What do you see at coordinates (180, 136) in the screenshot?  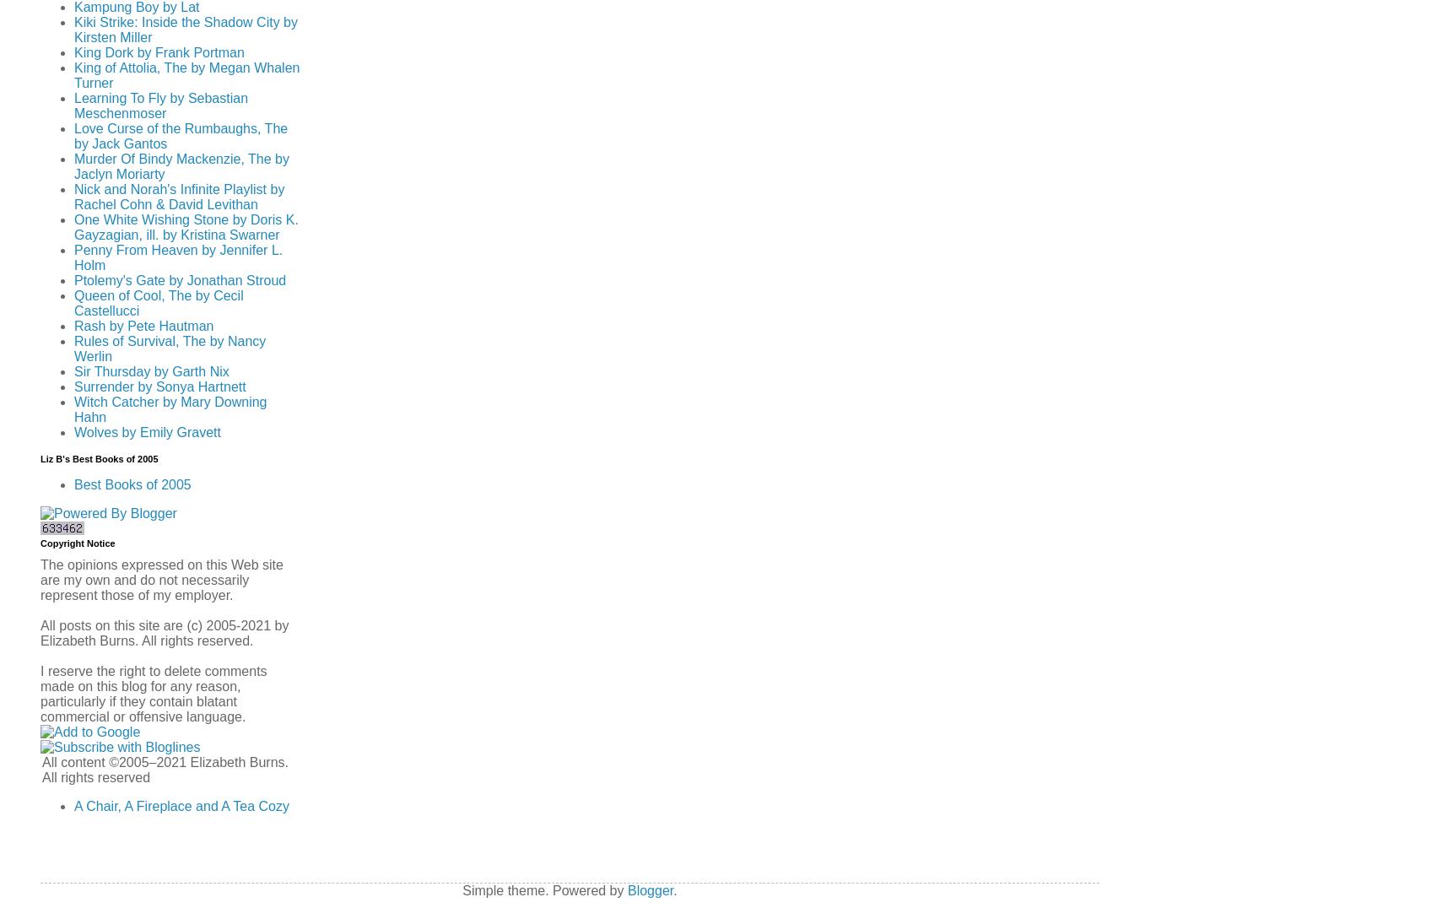 I see `'Love Curse of the Rumbaughs, The by Jack Gantos'` at bounding box center [180, 136].